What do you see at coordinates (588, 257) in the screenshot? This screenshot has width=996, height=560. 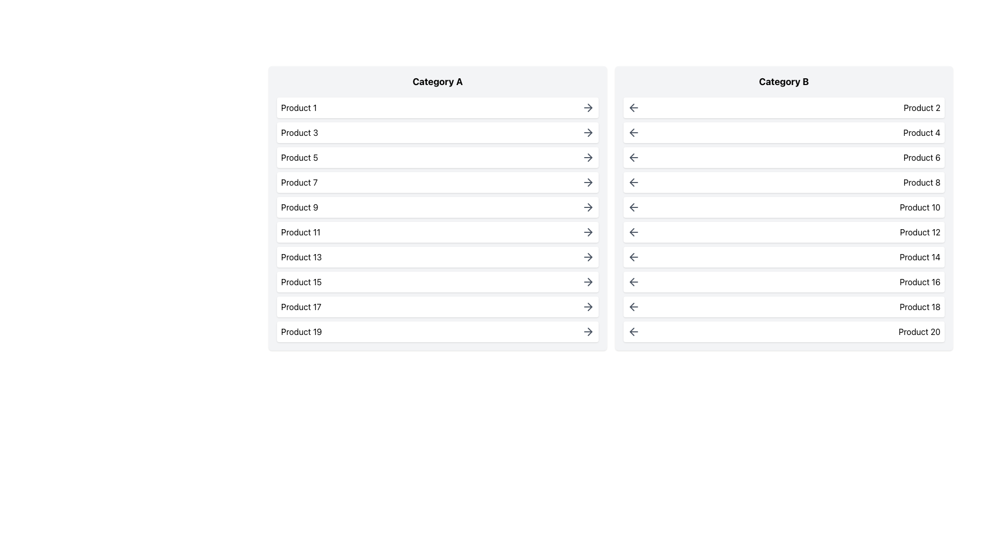 I see `the navigation button located on the far right within the row labeled 'Product 13' under 'Category A' to change its appearance` at bounding box center [588, 257].